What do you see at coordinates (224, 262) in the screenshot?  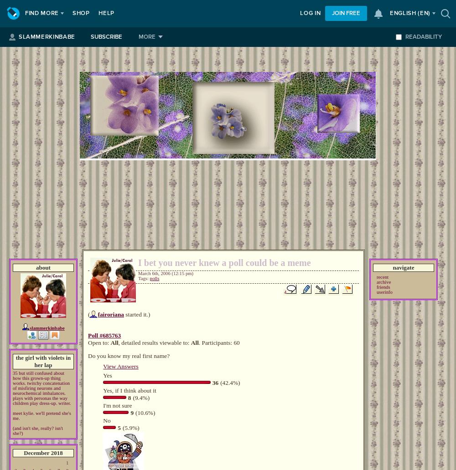 I see `'I bet you never knew a poll could be a meme'` at bounding box center [224, 262].